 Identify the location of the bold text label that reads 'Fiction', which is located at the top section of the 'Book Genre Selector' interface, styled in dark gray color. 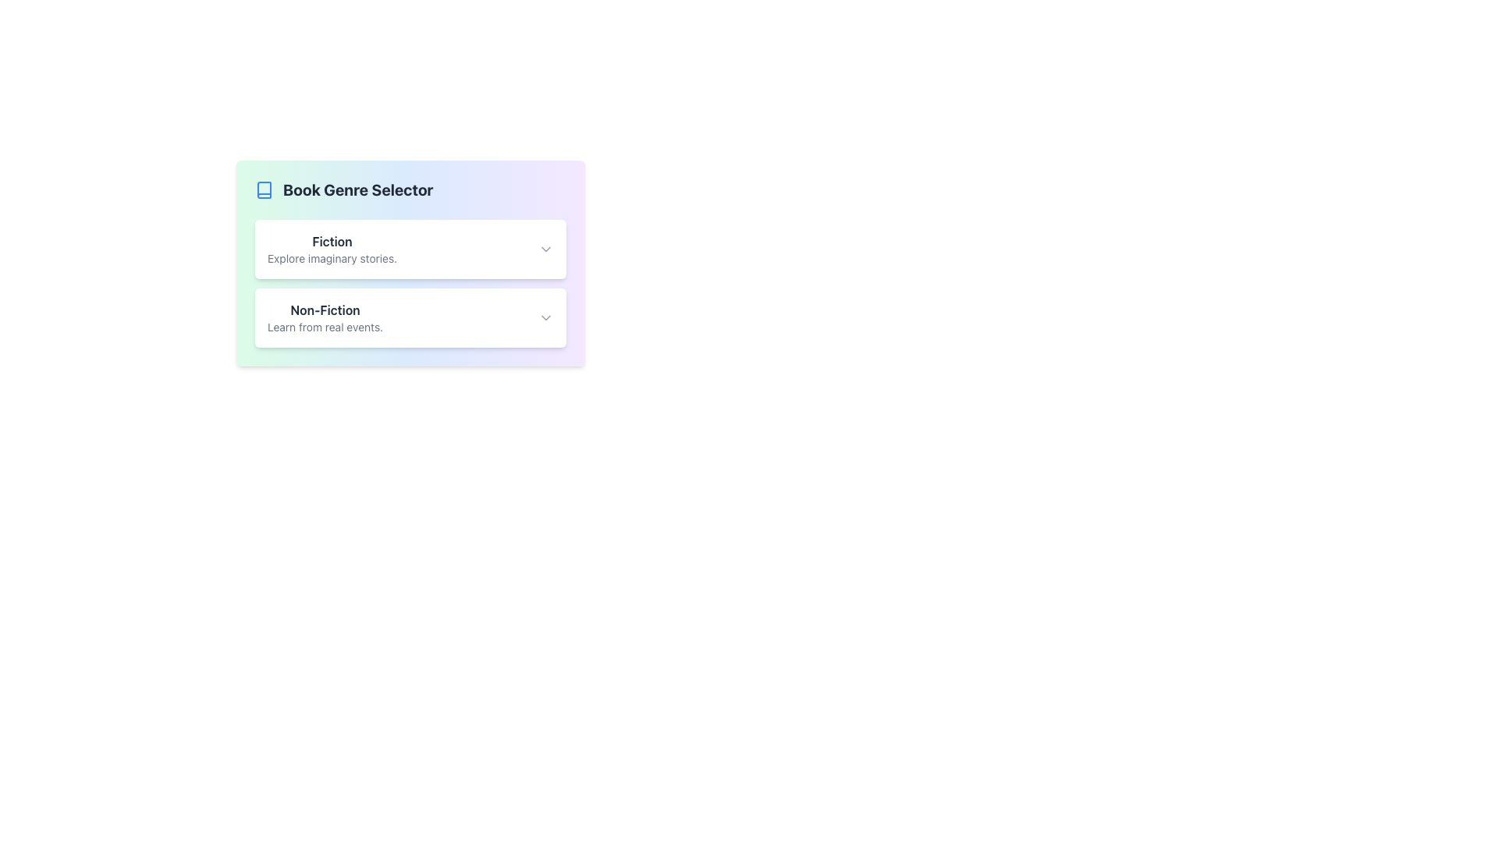
(332, 241).